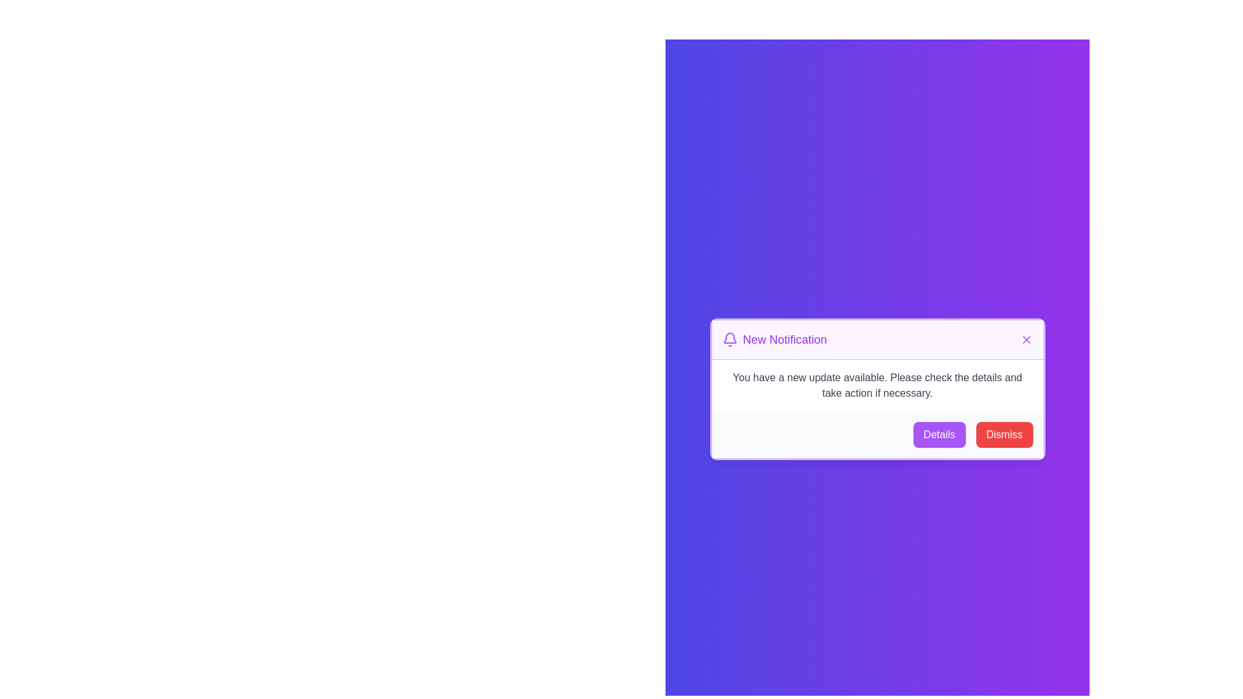 Image resolution: width=1243 pixels, height=699 pixels. I want to click on the combined notification icon and text label, which includes a purple bell icon and the label 'New Notification' adjacent to it, located centrally within the notification header bar, so click(774, 338).